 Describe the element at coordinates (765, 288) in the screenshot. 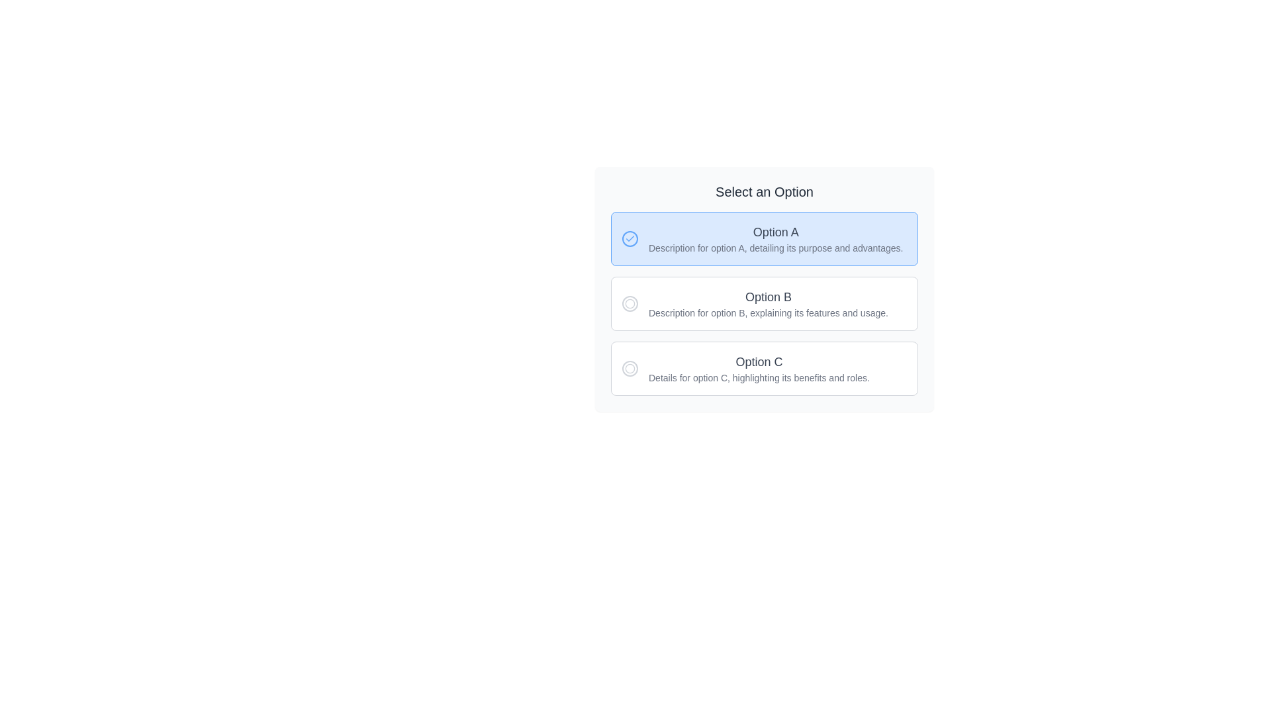

I see `the second option panel labeled 'Option B'` at that location.